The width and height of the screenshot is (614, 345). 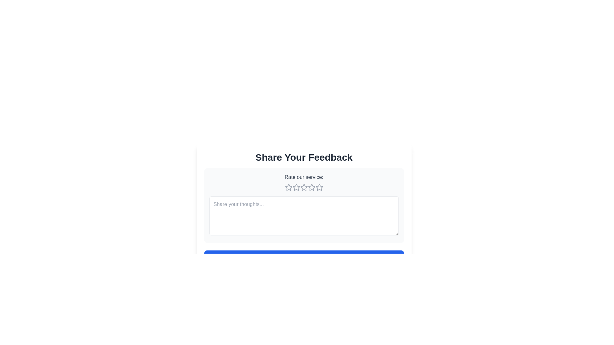 What do you see at coordinates (296, 187) in the screenshot?
I see `the first outlined star icon in the row of five stars under the 'Rate our service:' header` at bounding box center [296, 187].